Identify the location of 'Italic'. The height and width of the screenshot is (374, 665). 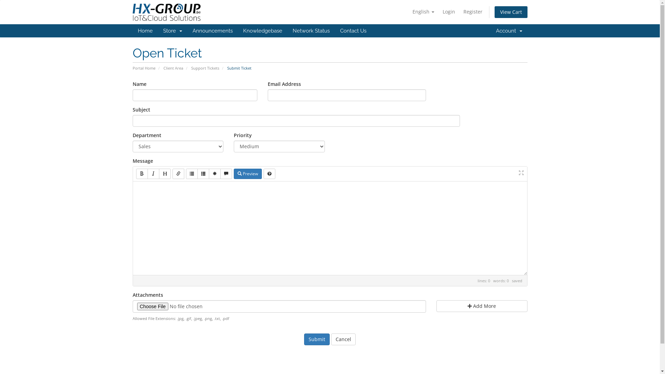
(153, 173).